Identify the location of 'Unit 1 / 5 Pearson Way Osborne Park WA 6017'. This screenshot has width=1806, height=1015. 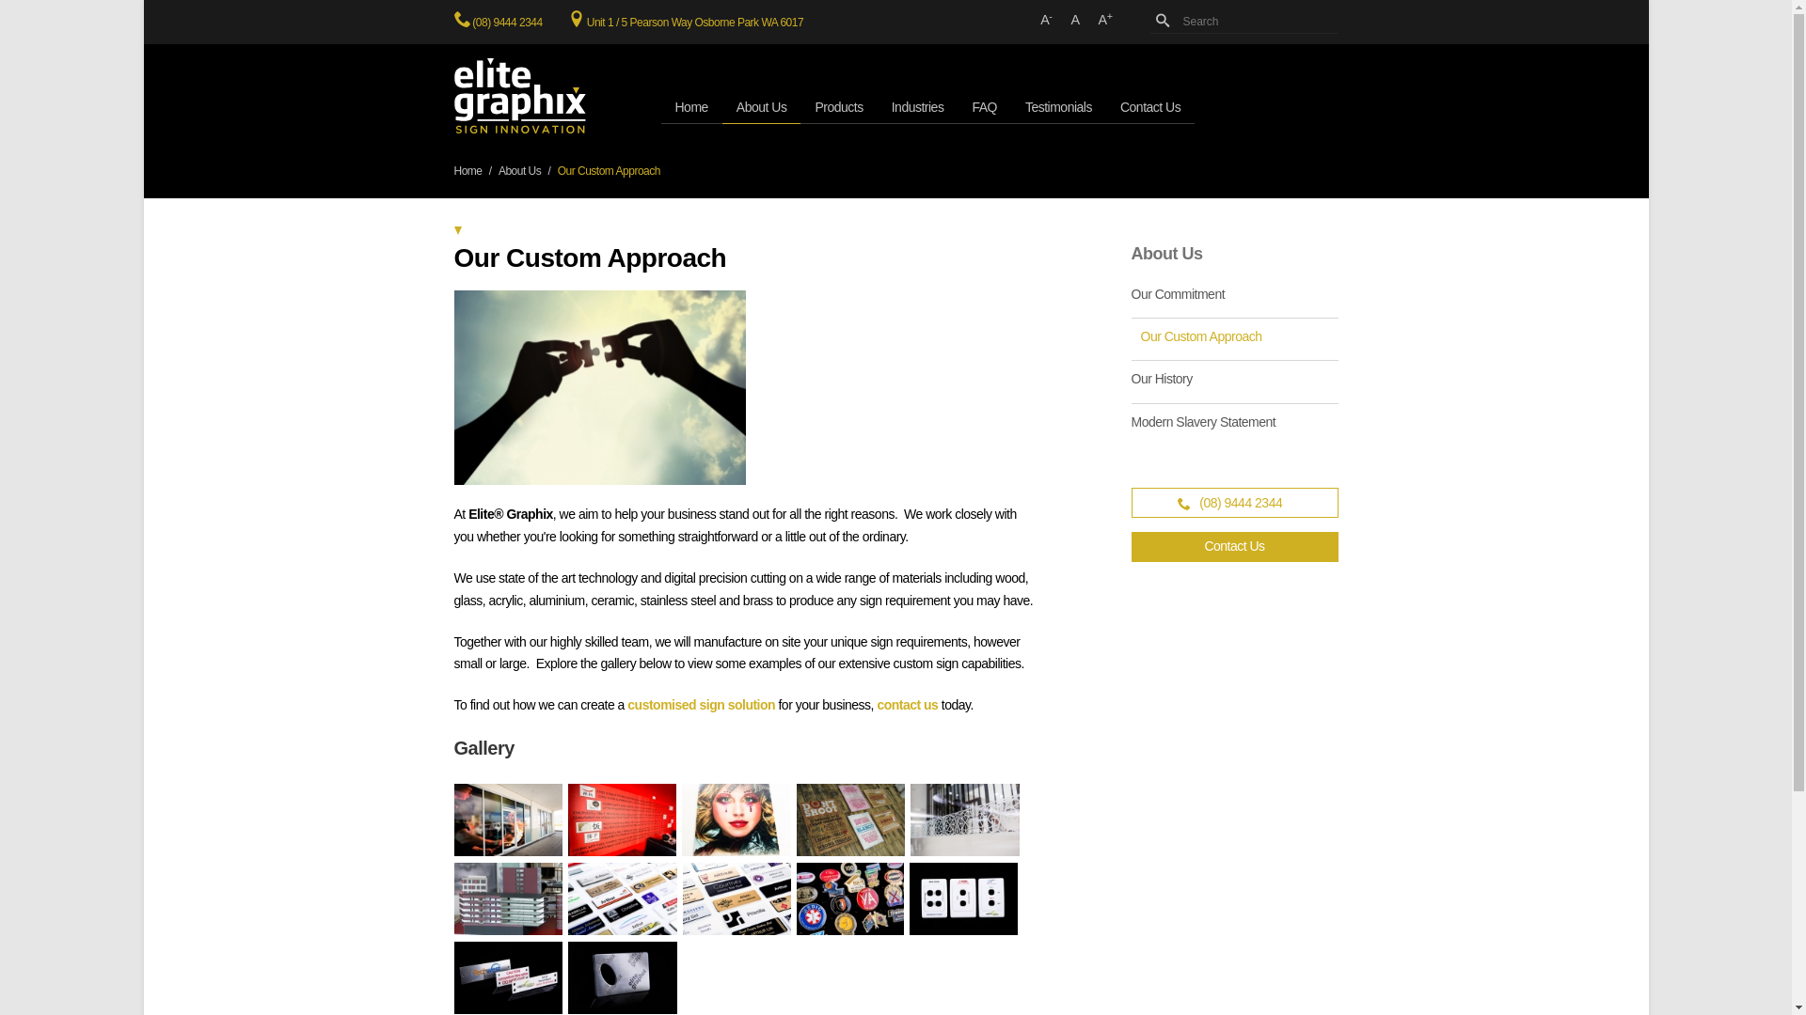
(694, 23).